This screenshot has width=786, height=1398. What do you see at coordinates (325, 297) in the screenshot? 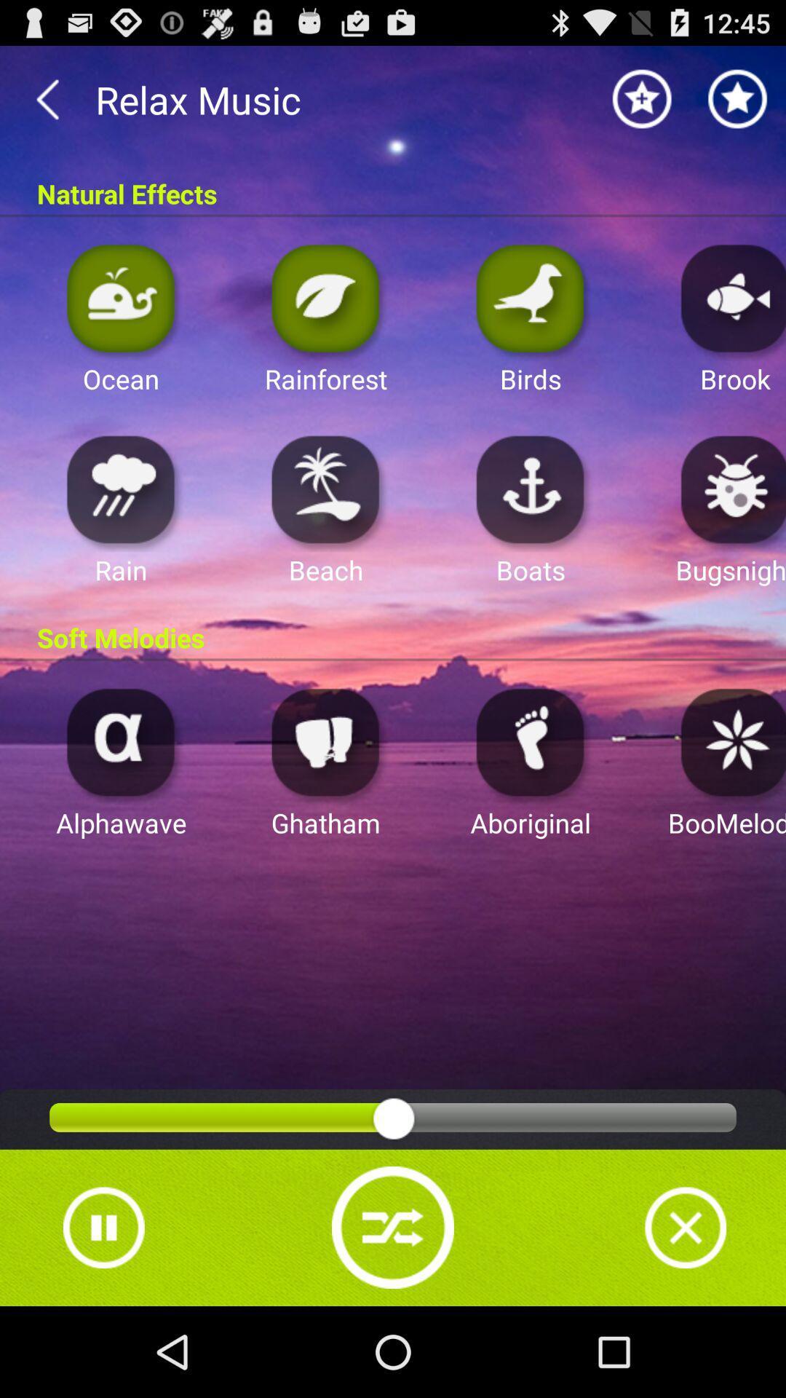
I see `open app` at bounding box center [325, 297].